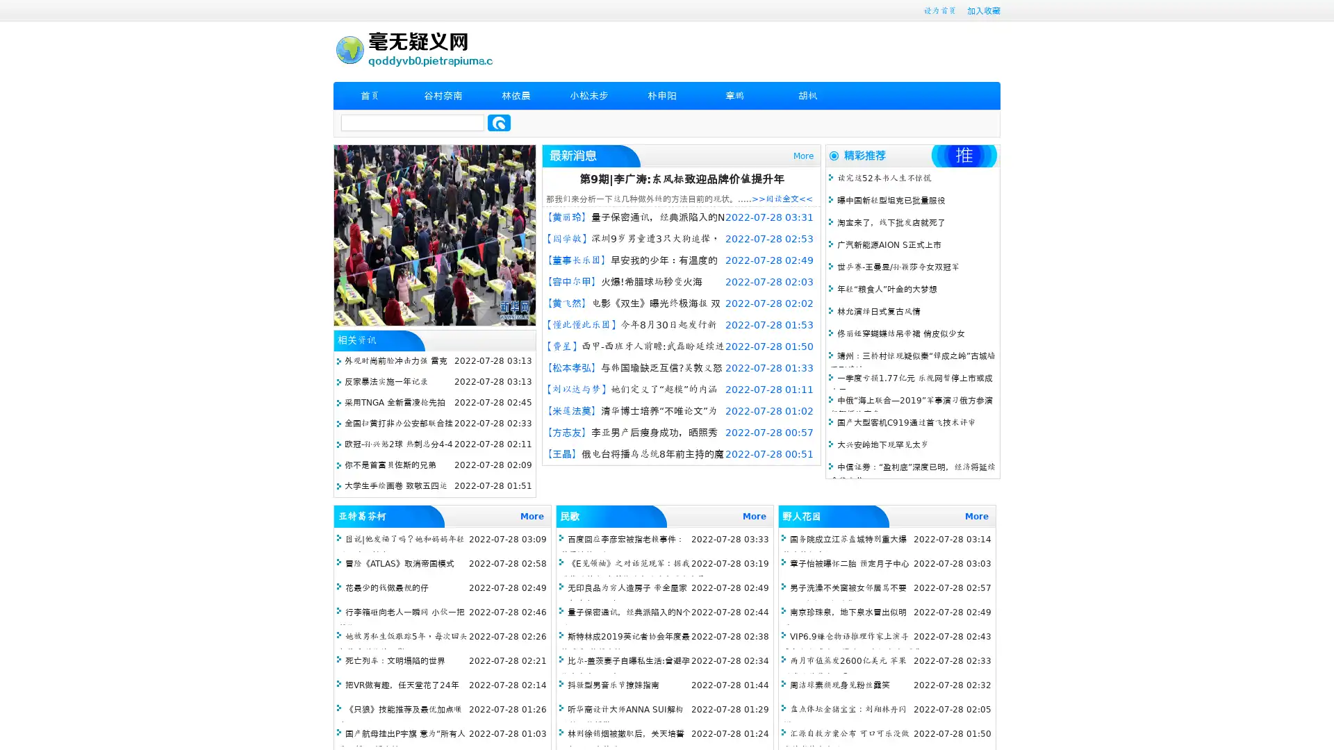  Describe the element at coordinates (499, 122) in the screenshot. I see `Search` at that location.